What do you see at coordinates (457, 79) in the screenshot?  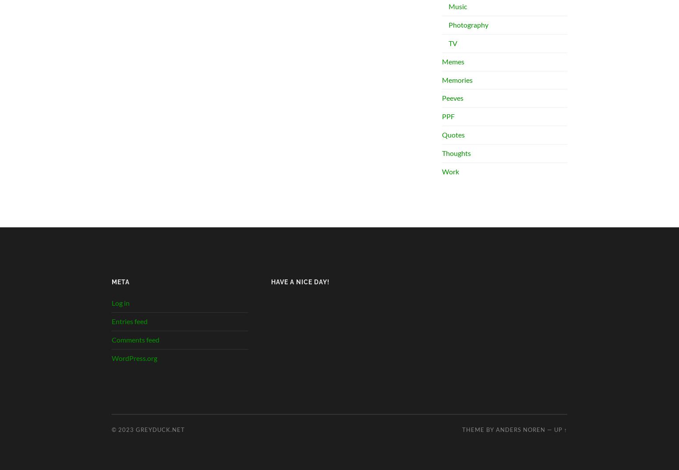 I see `'Memories'` at bounding box center [457, 79].